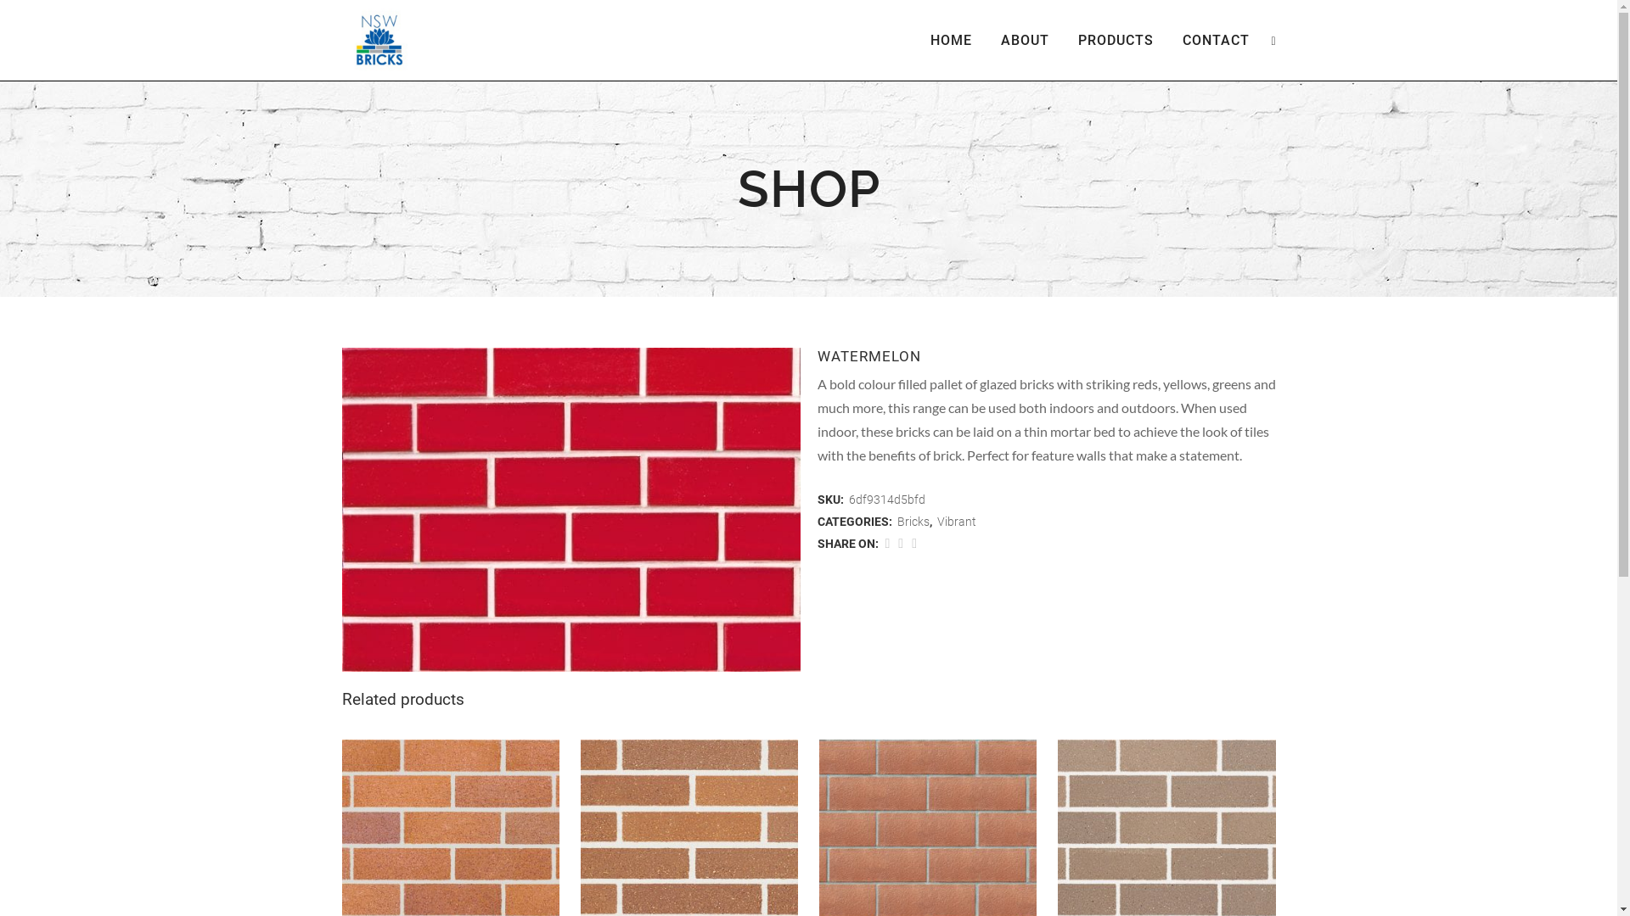 The height and width of the screenshot is (916, 1630). I want to click on 'HOME', so click(951, 39).